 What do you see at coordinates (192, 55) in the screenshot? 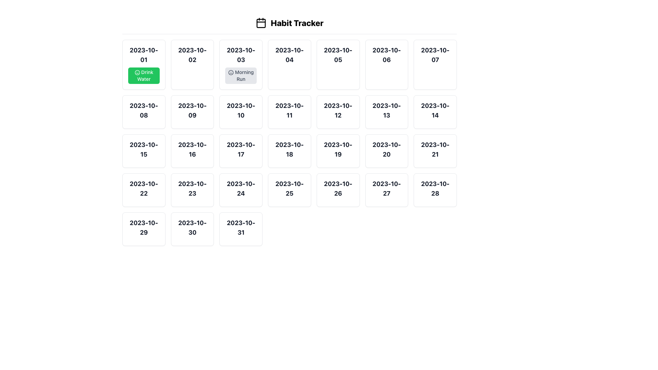
I see `the bold, large-sized text displaying the date '2023-10-02', which is centered in its box in the second column of the first row of a grid layout` at bounding box center [192, 55].